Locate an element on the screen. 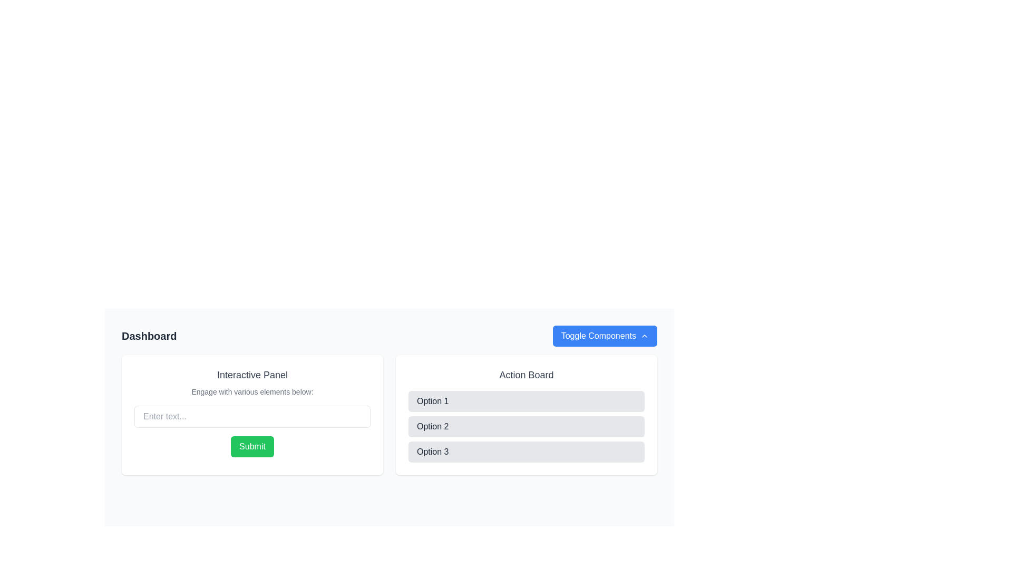  the text label reading 'Option 3', which is styled in dark gray on a light gray background and is located within a rectangular button at the bottom of the 'Action Board' section is located at coordinates (433, 451).